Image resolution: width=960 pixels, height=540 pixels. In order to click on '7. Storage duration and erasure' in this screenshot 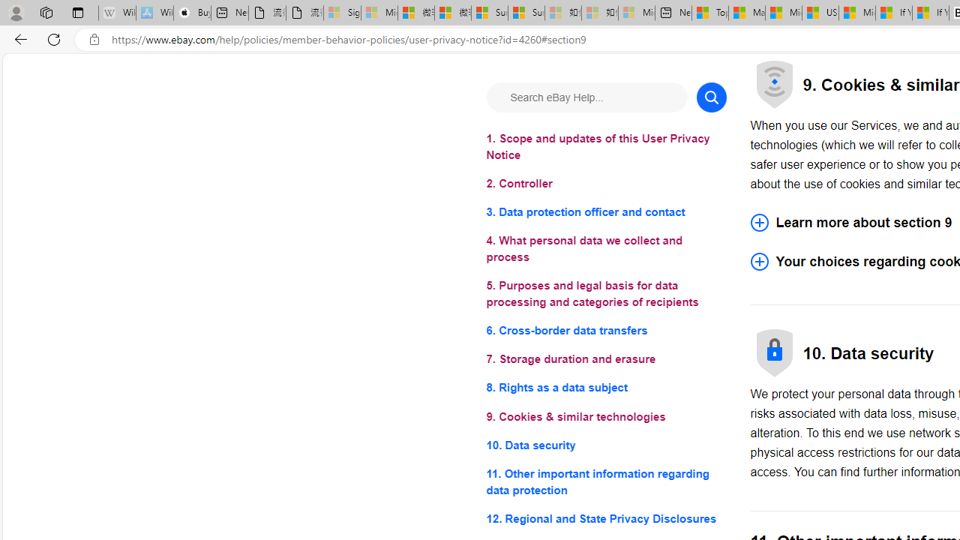, I will do `click(606, 359)`.